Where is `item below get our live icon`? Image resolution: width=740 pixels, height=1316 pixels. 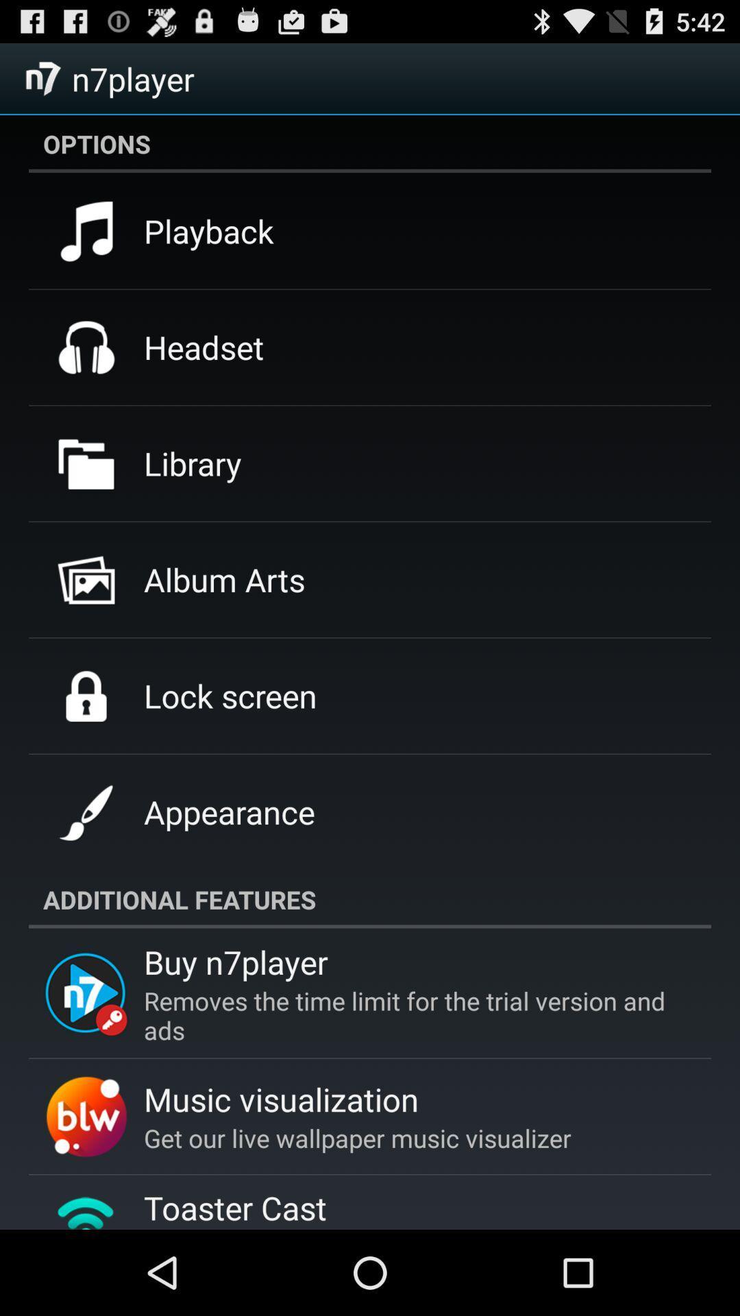 item below get our live icon is located at coordinates (234, 1208).